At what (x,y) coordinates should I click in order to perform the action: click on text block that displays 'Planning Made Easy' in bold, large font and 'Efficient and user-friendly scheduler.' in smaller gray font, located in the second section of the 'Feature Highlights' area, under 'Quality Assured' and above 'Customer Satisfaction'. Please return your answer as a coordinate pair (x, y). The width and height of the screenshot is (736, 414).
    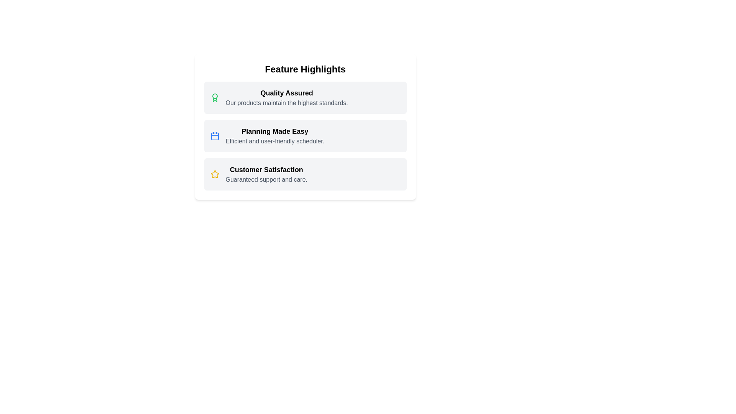
    Looking at the image, I should click on (275, 135).